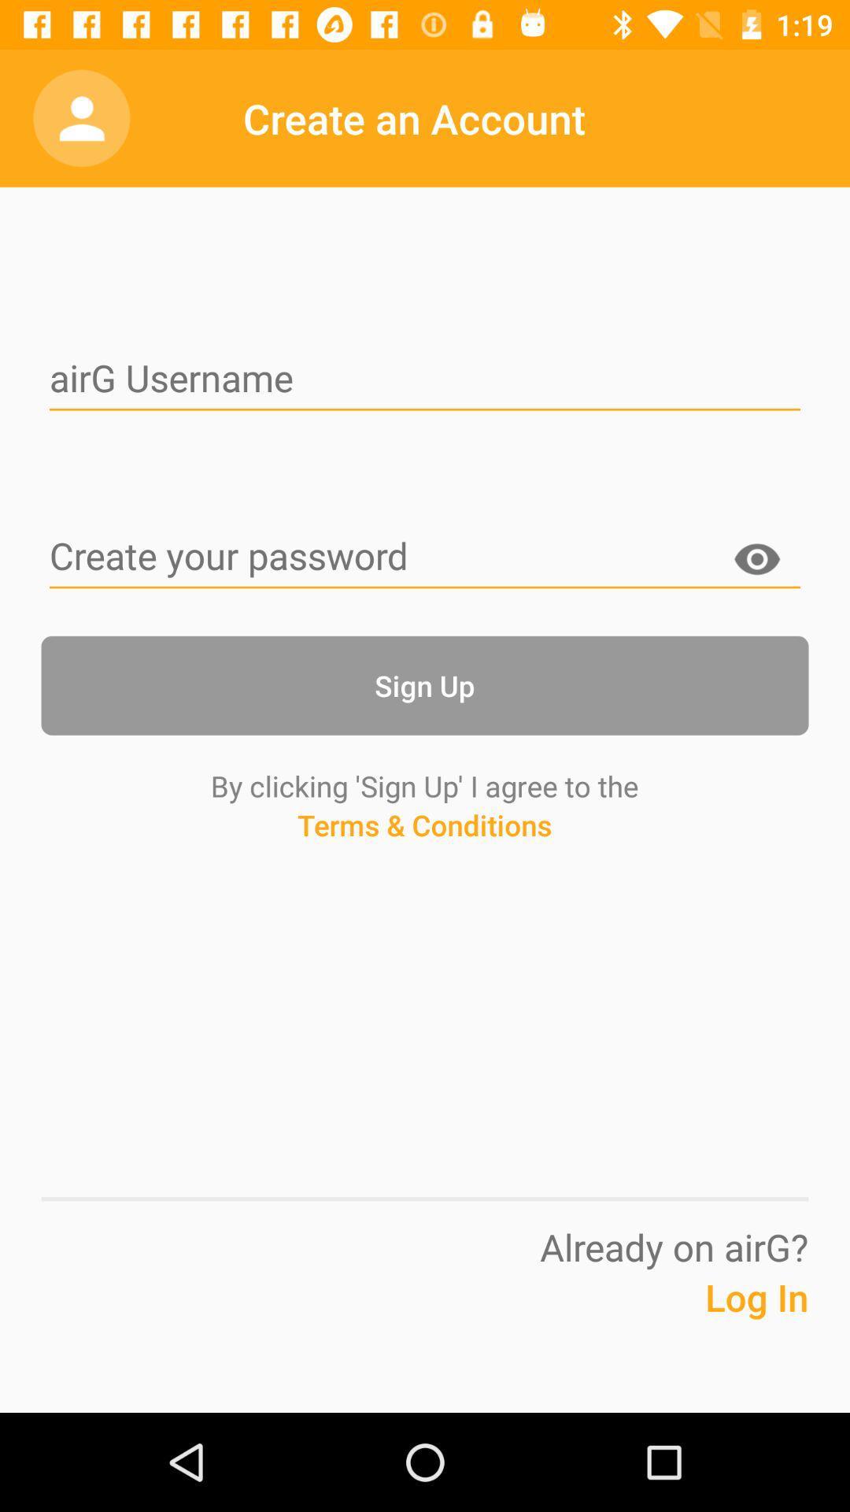 This screenshot has width=850, height=1512. What do you see at coordinates (425, 380) in the screenshot?
I see `username` at bounding box center [425, 380].